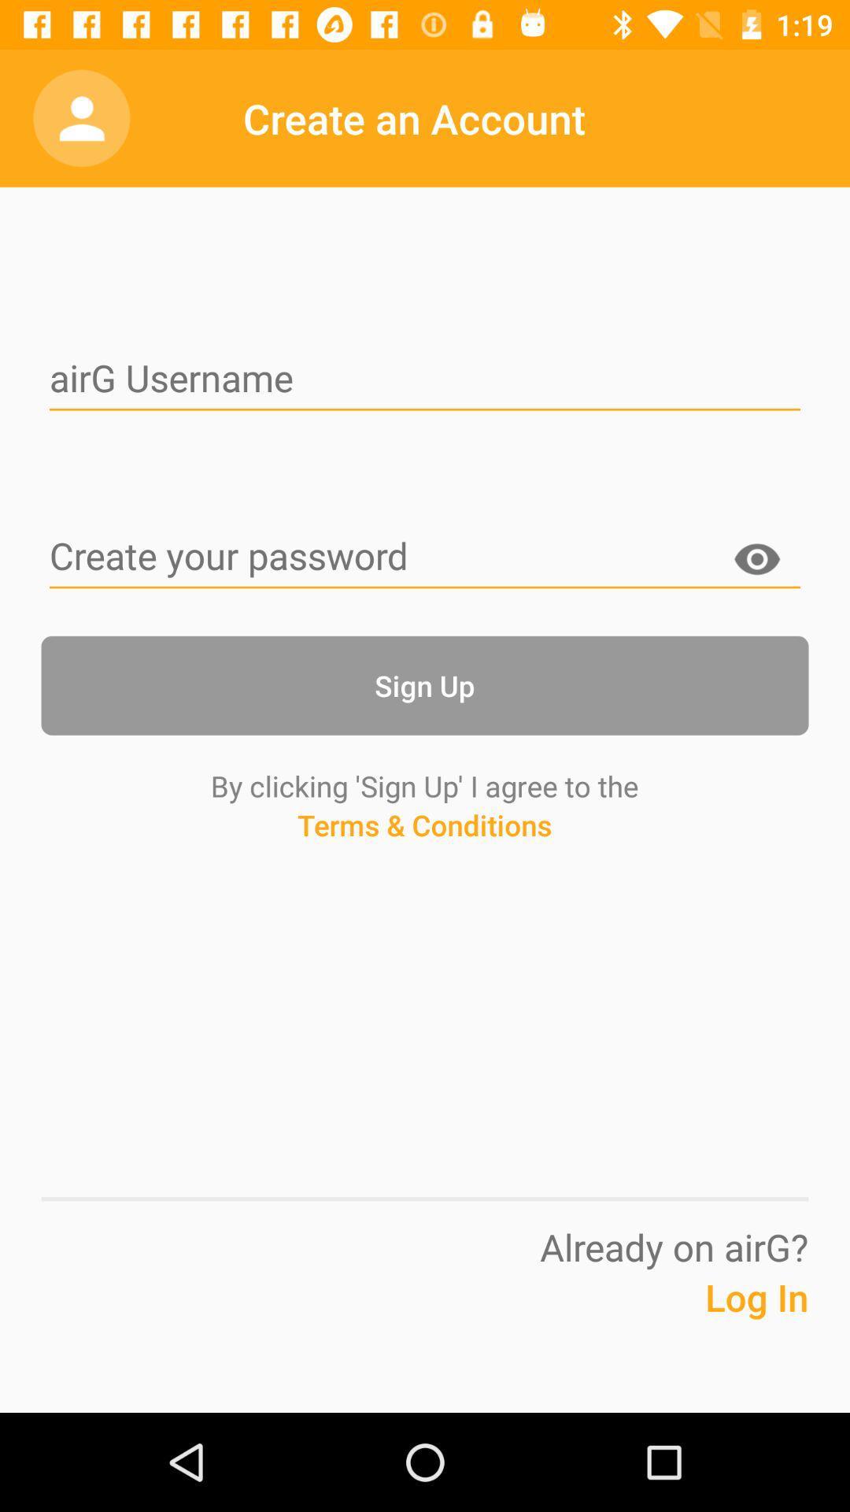 This screenshot has width=850, height=1512. What do you see at coordinates (425, 380) in the screenshot?
I see `username` at bounding box center [425, 380].